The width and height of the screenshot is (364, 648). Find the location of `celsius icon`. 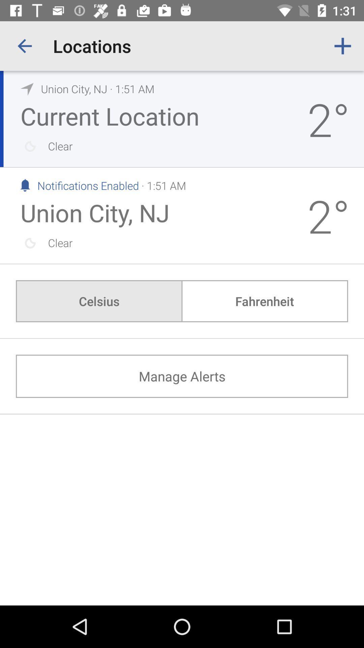

celsius icon is located at coordinates (99, 301).